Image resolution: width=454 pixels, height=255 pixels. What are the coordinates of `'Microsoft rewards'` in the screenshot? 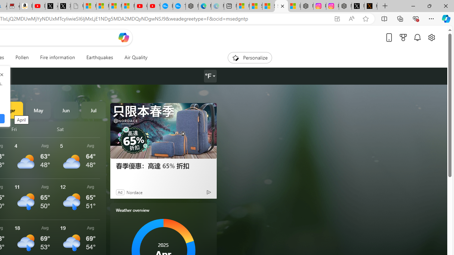 It's located at (403, 37).